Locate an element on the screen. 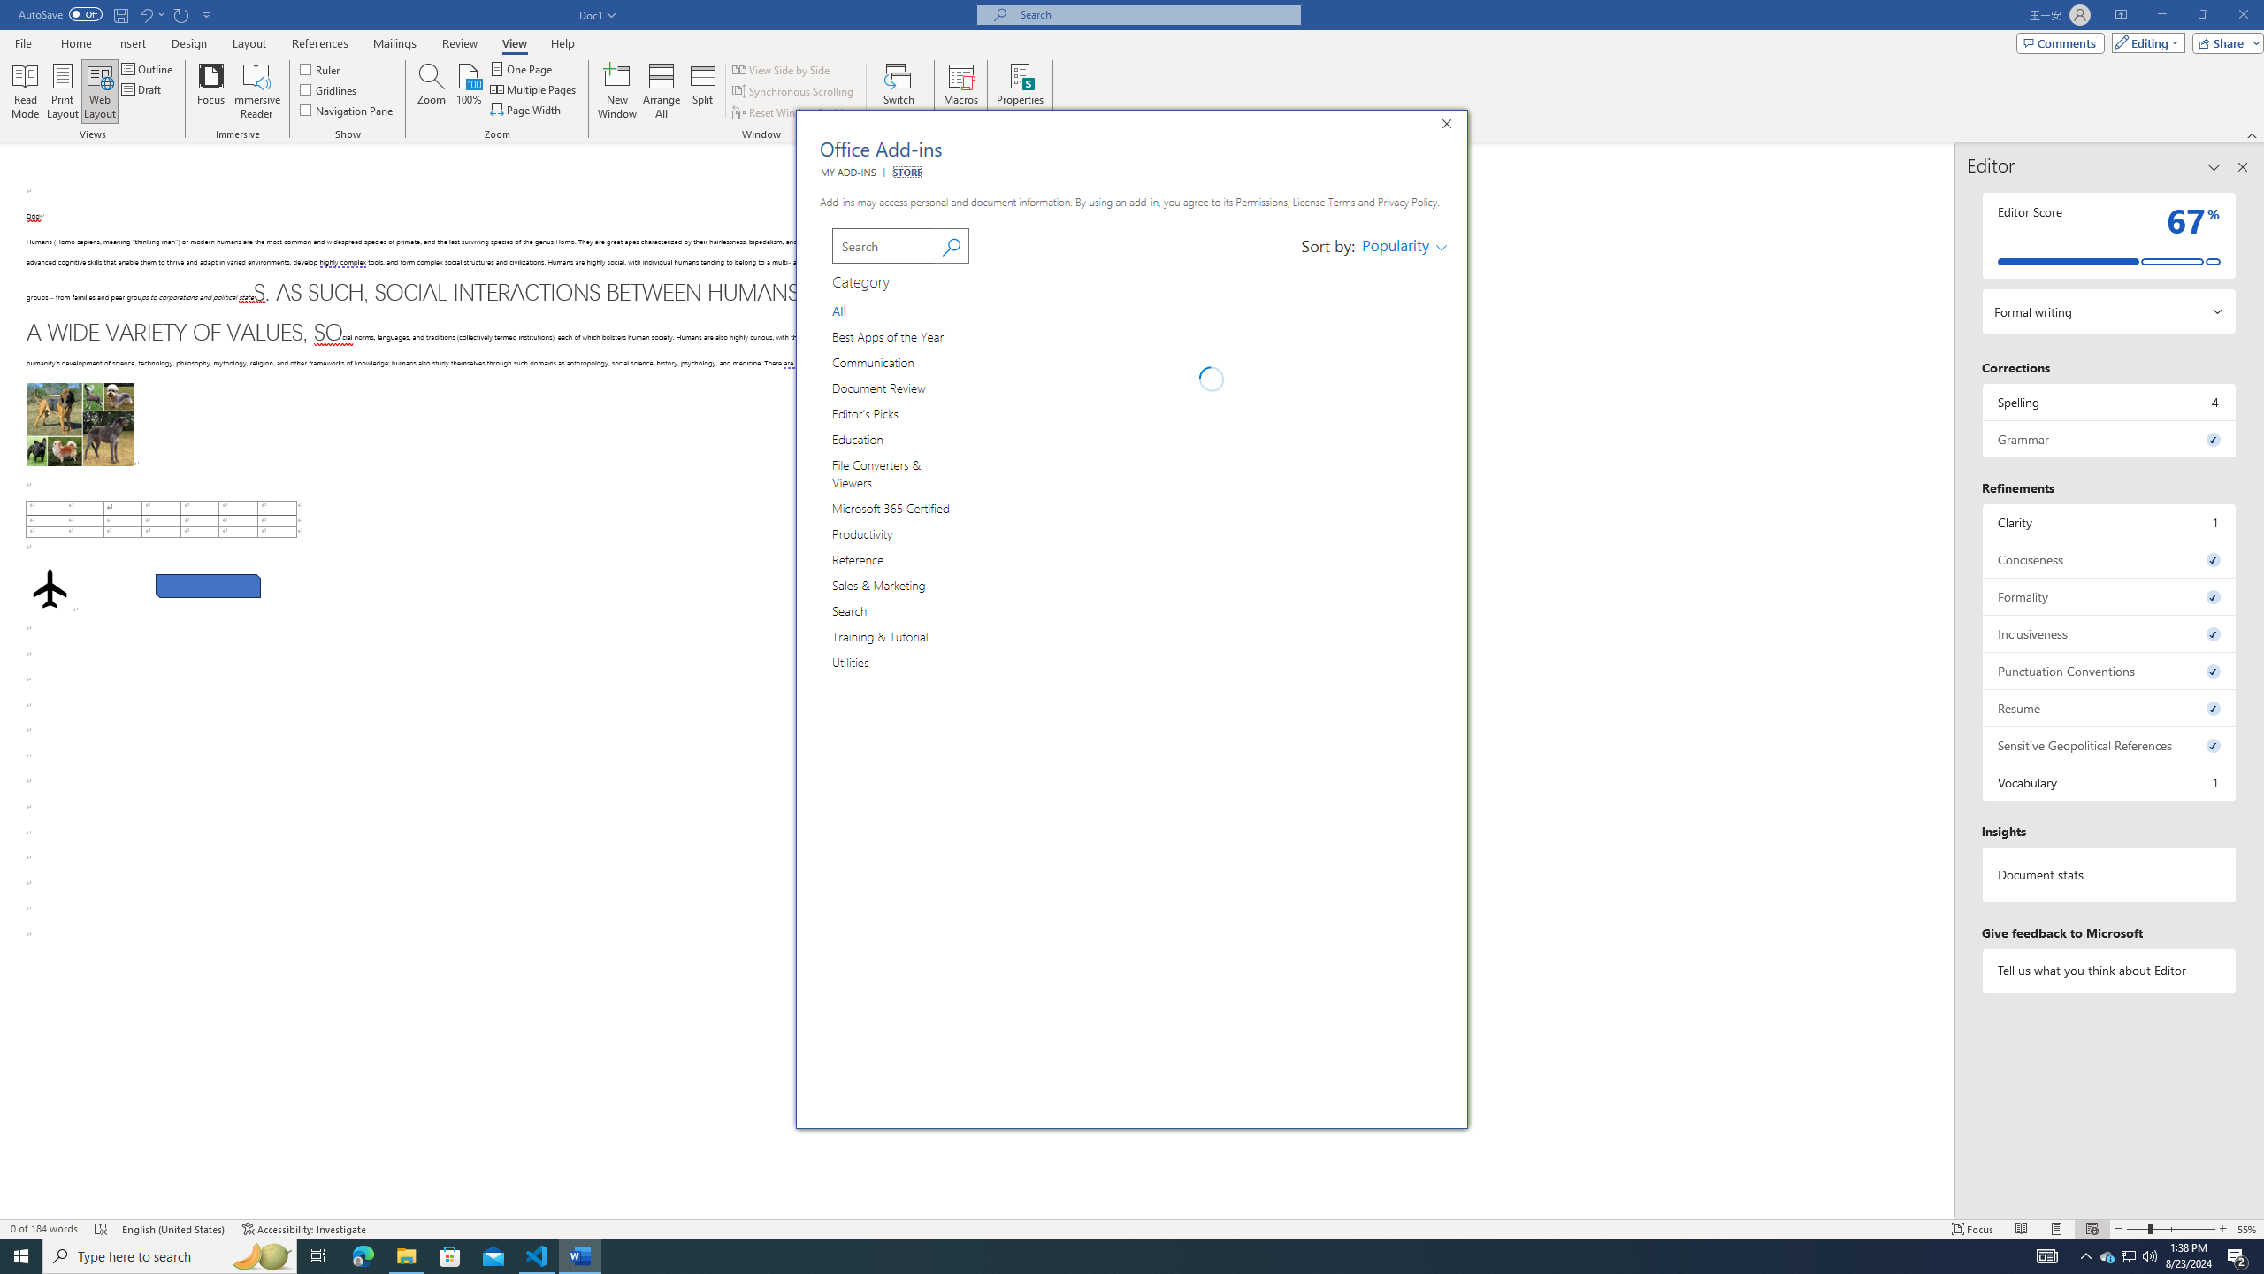  'STORE' is located at coordinates (906, 172).